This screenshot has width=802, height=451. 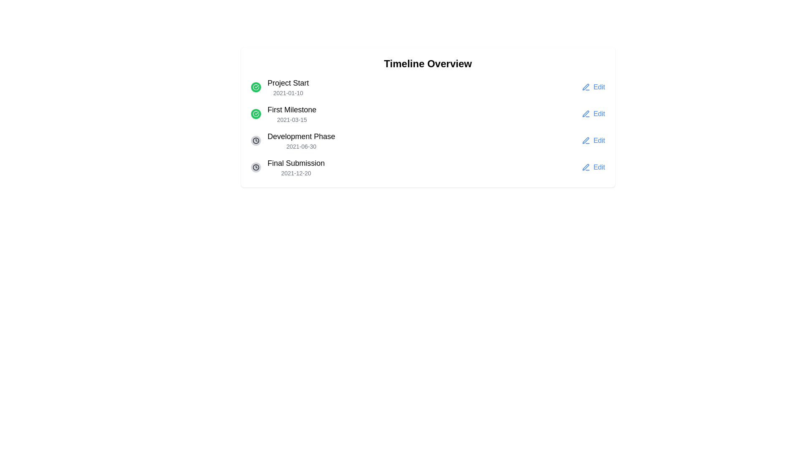 I want to click on the leftmost circular status indicator for the 'First Milestone' in the timeline view, so click(x=255, y=114).